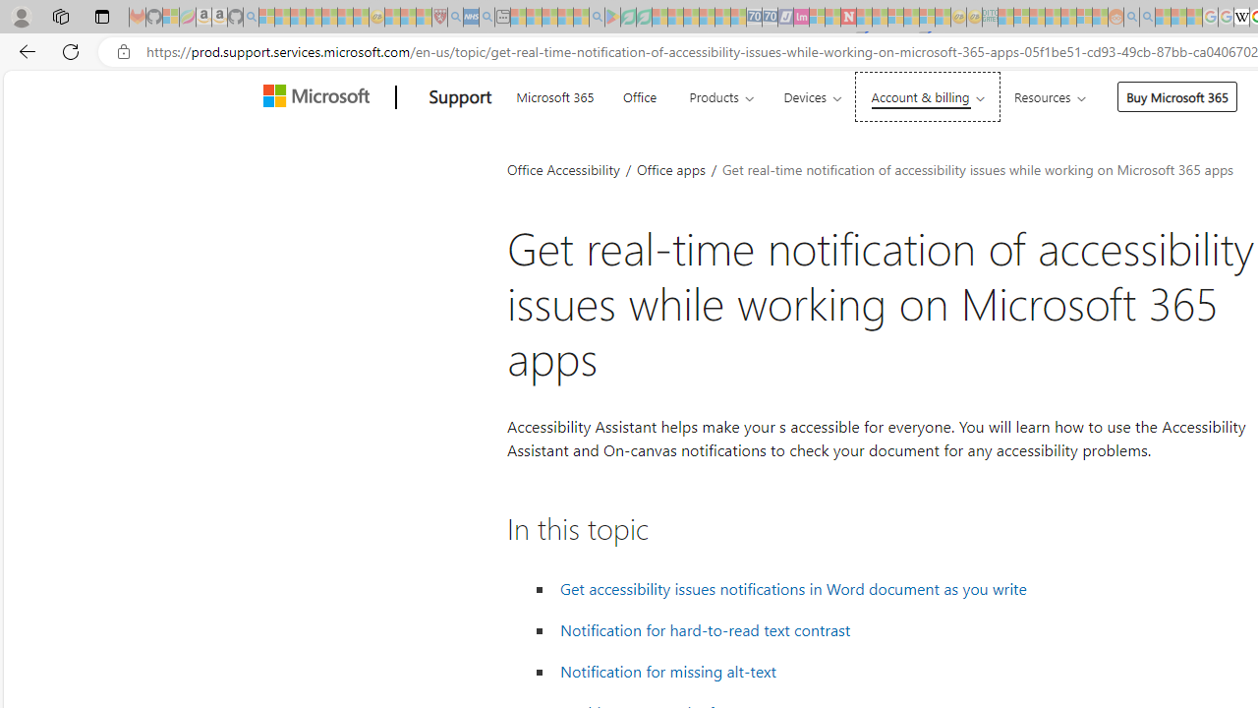 Image resolution: width=1258 pixels, height=708 pixels. I want to click on 'DITOGAMES AG Imprint - Sleeping', so click(990, 17).